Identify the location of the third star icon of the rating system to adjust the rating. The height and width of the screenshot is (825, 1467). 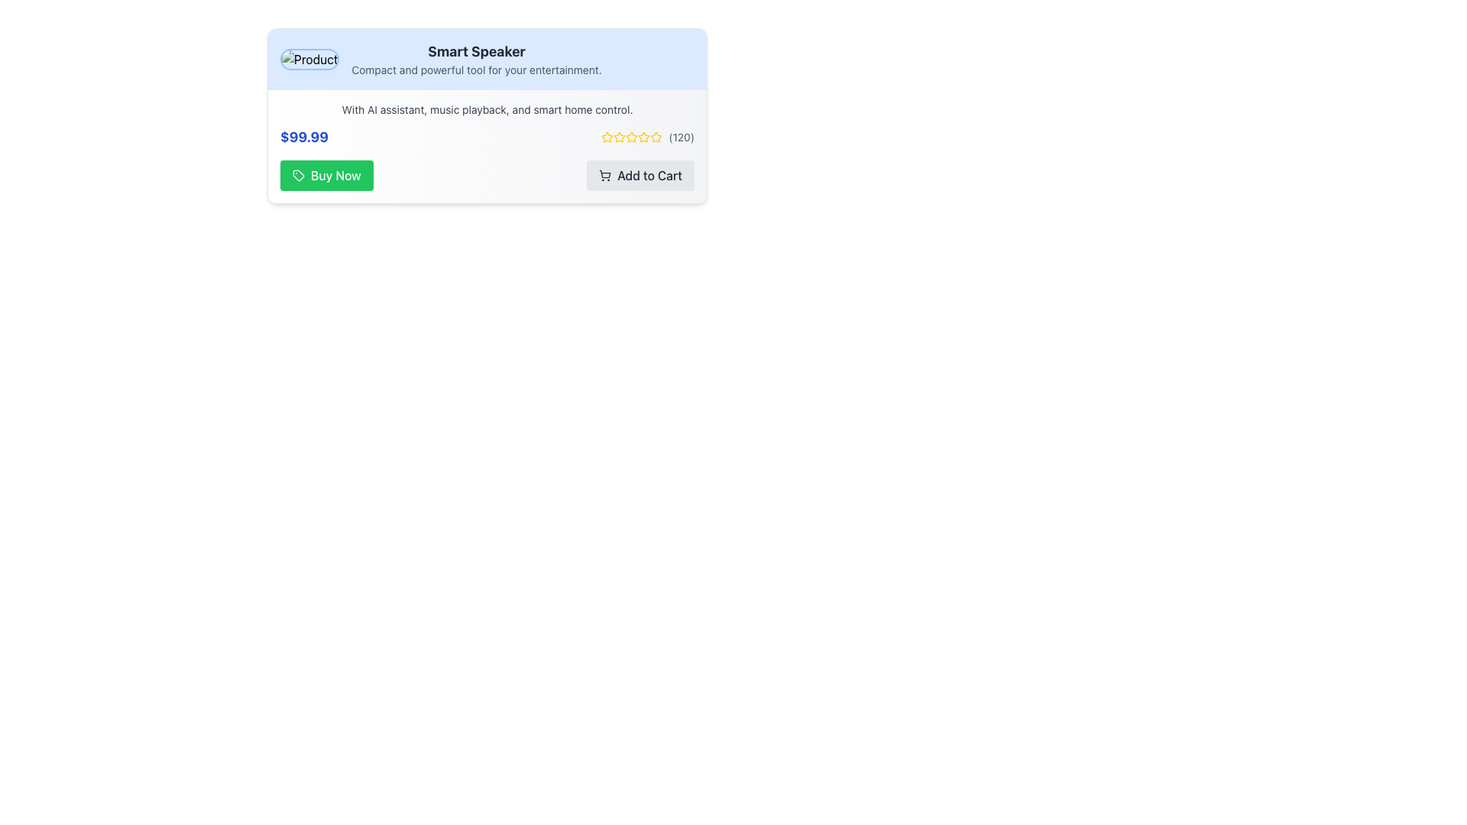
(644, 136).